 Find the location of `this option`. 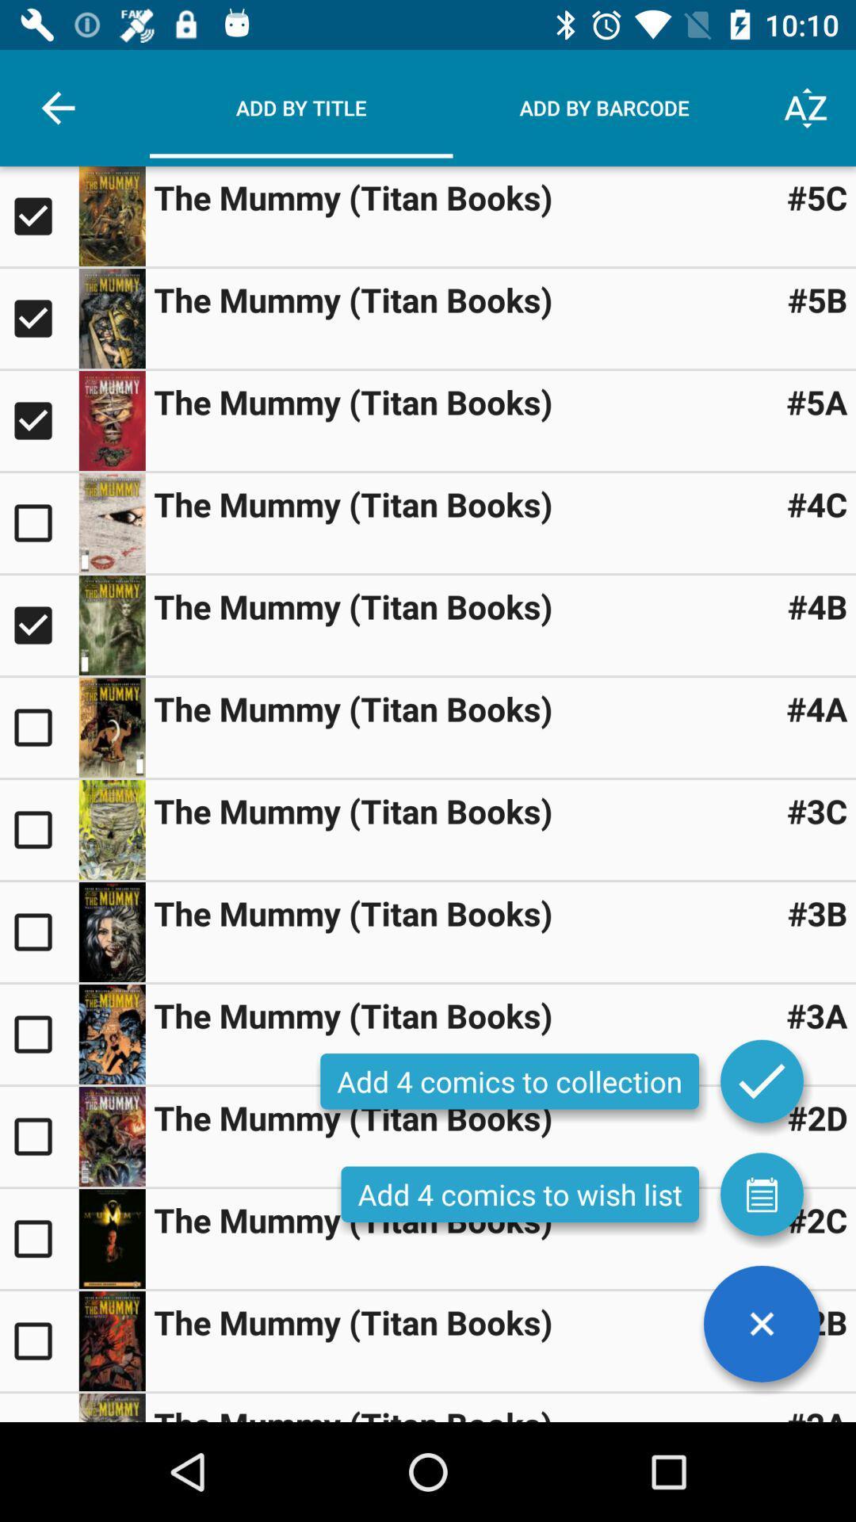

this option is located at coordinates (38, 1340).